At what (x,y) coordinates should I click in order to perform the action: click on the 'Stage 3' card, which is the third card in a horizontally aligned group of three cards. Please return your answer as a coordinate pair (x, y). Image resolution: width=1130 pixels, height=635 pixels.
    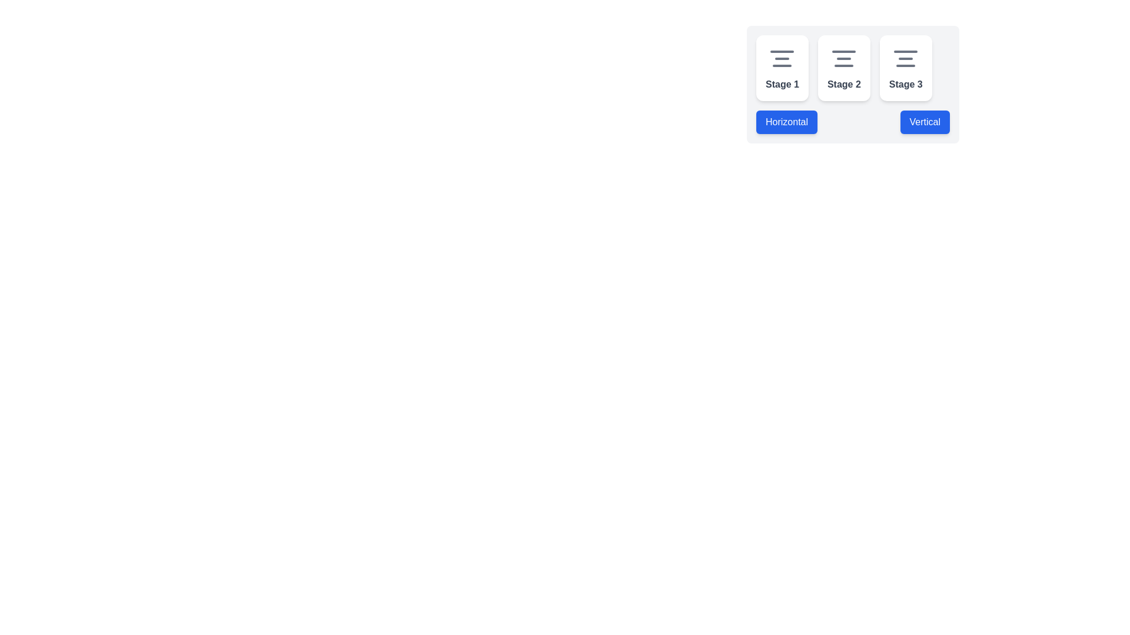
    Looking at the image, I should click on (905, 68).